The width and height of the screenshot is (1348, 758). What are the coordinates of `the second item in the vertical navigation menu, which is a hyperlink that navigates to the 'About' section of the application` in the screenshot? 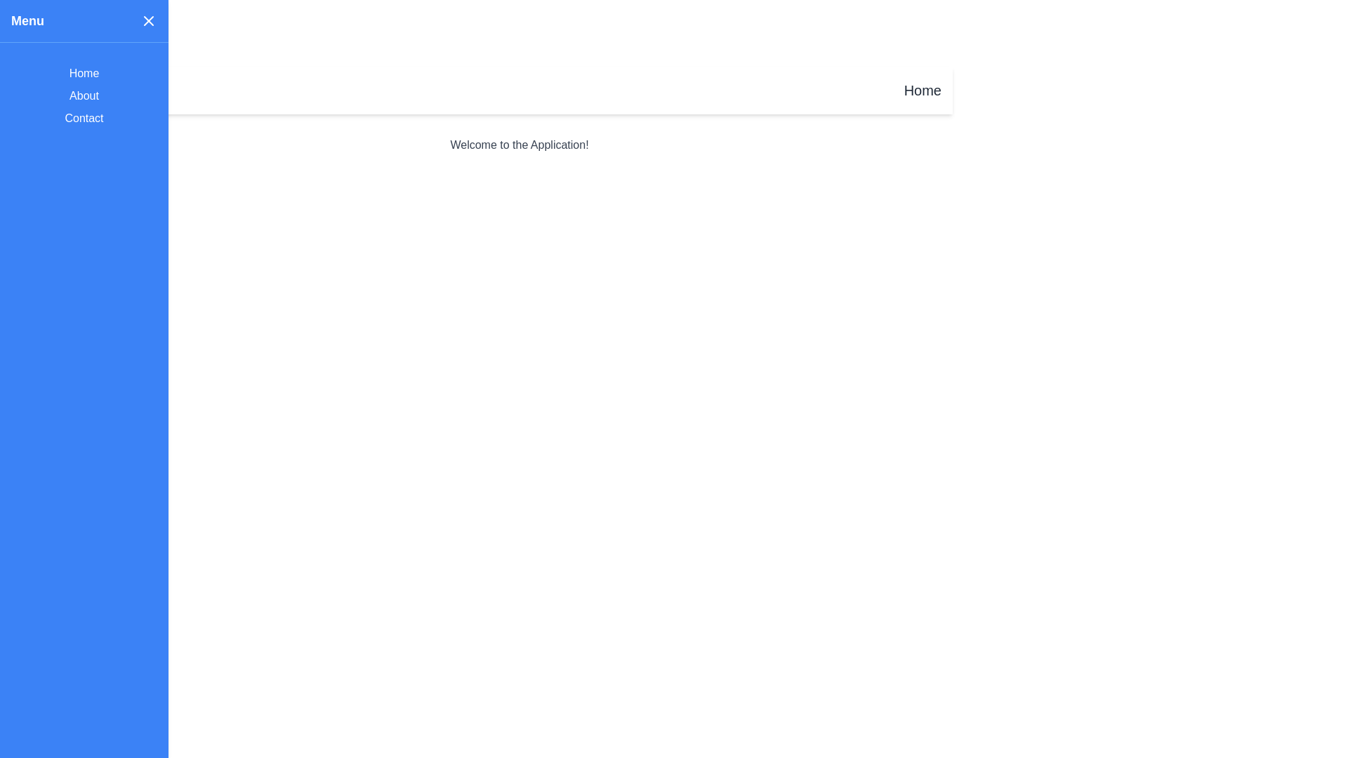 It's located at (84, 95).